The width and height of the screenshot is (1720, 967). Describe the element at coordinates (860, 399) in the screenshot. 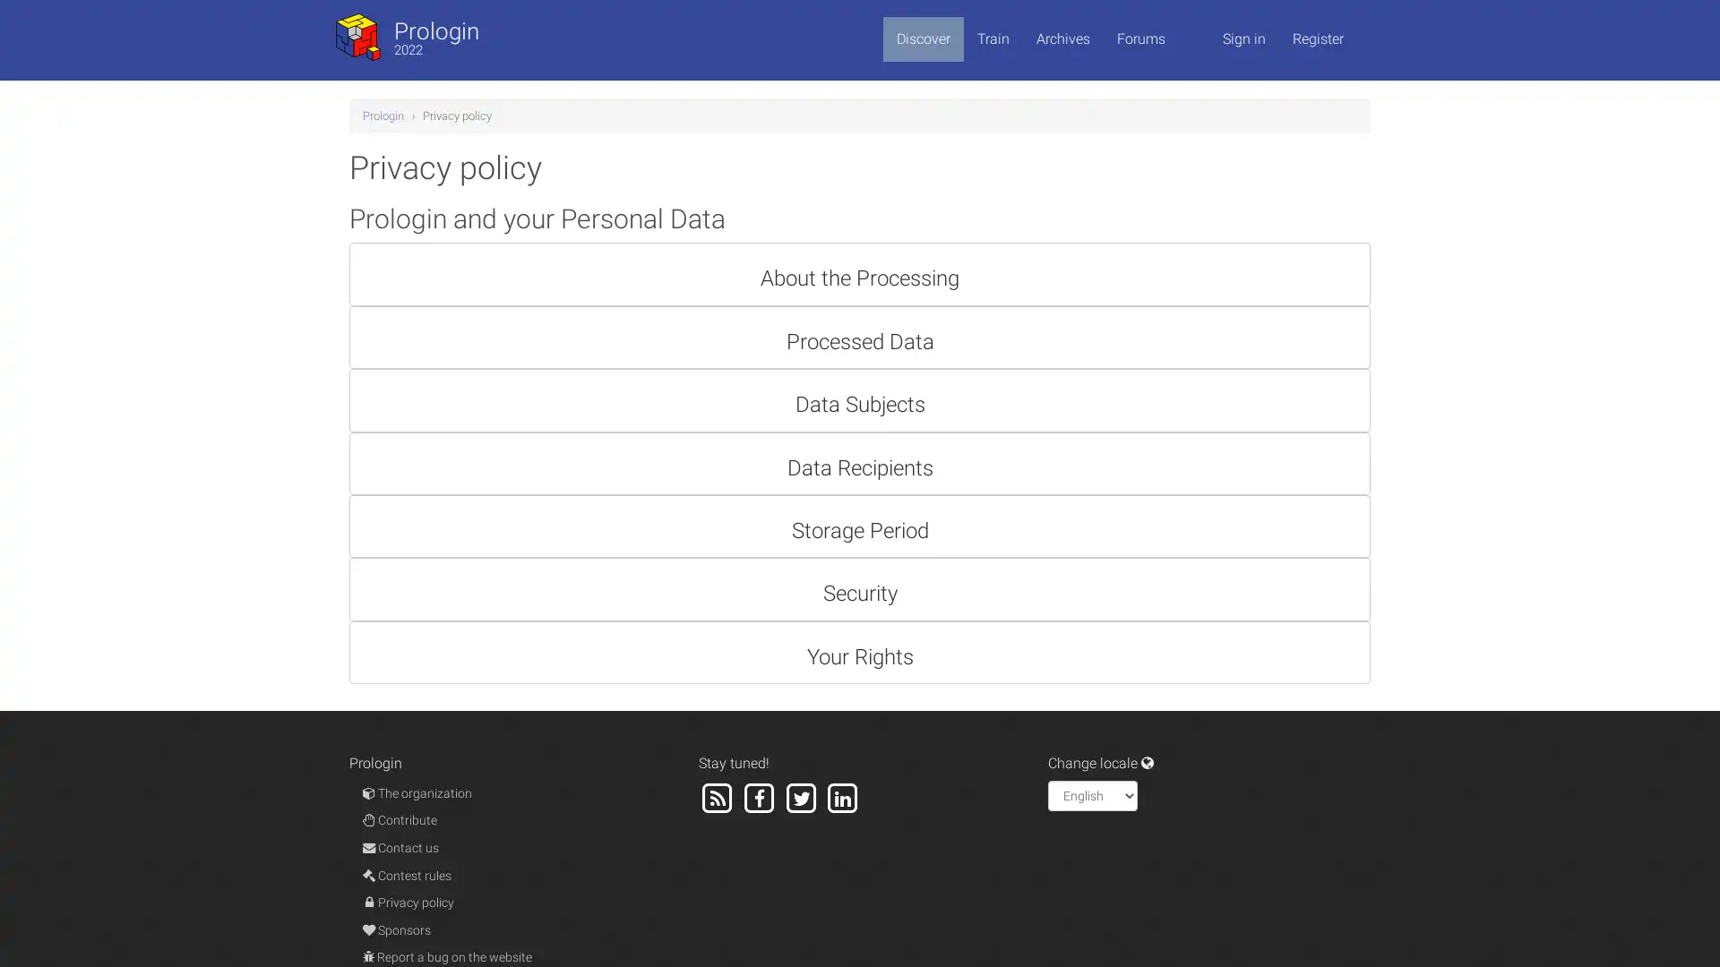

I see `Data Subjects` at that location.